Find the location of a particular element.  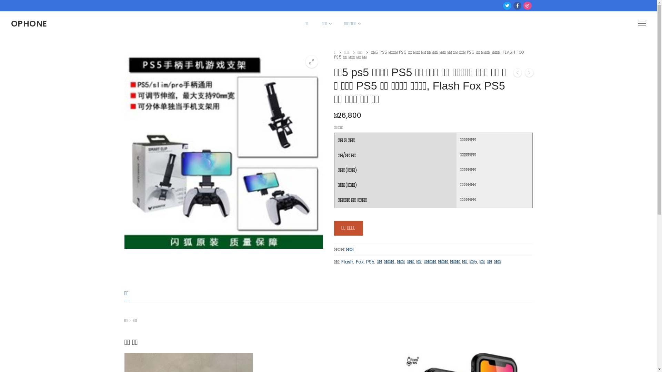

'Dribbble' is located at coordinates (527, 6).